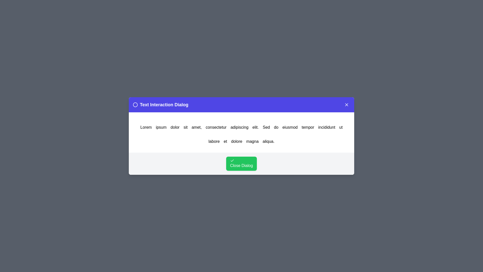 This screenshot has height=272, width=483. Describe the element at coordinates (256, 127) in the screenshot. I see `the word elit. in the text to trigger an alert displaying the clicked word` at that location.